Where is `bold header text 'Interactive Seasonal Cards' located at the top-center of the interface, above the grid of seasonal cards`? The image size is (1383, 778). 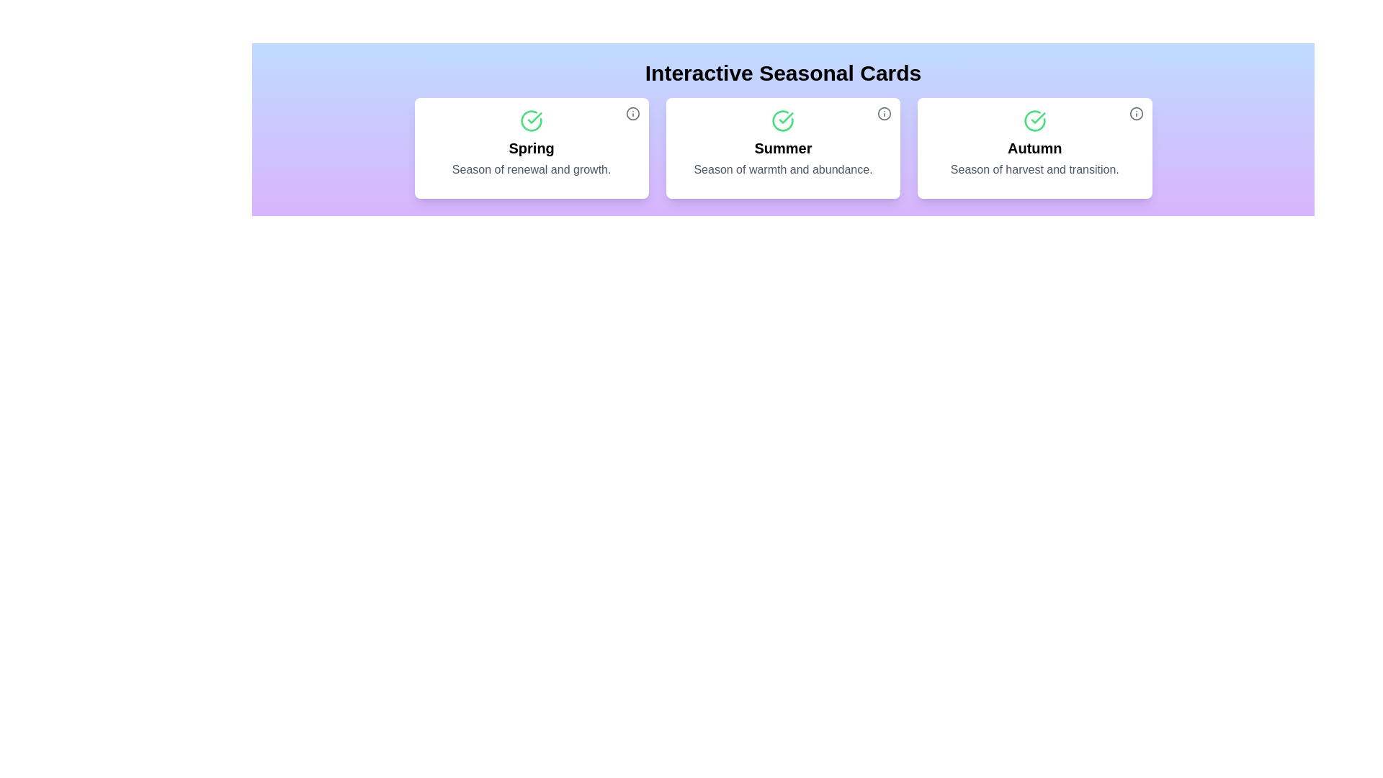 bold header text 'Interactive Seasonal Cards' located at the top-center of the interface, above the grid of seasonal cards is located at coordinates (782, 73).